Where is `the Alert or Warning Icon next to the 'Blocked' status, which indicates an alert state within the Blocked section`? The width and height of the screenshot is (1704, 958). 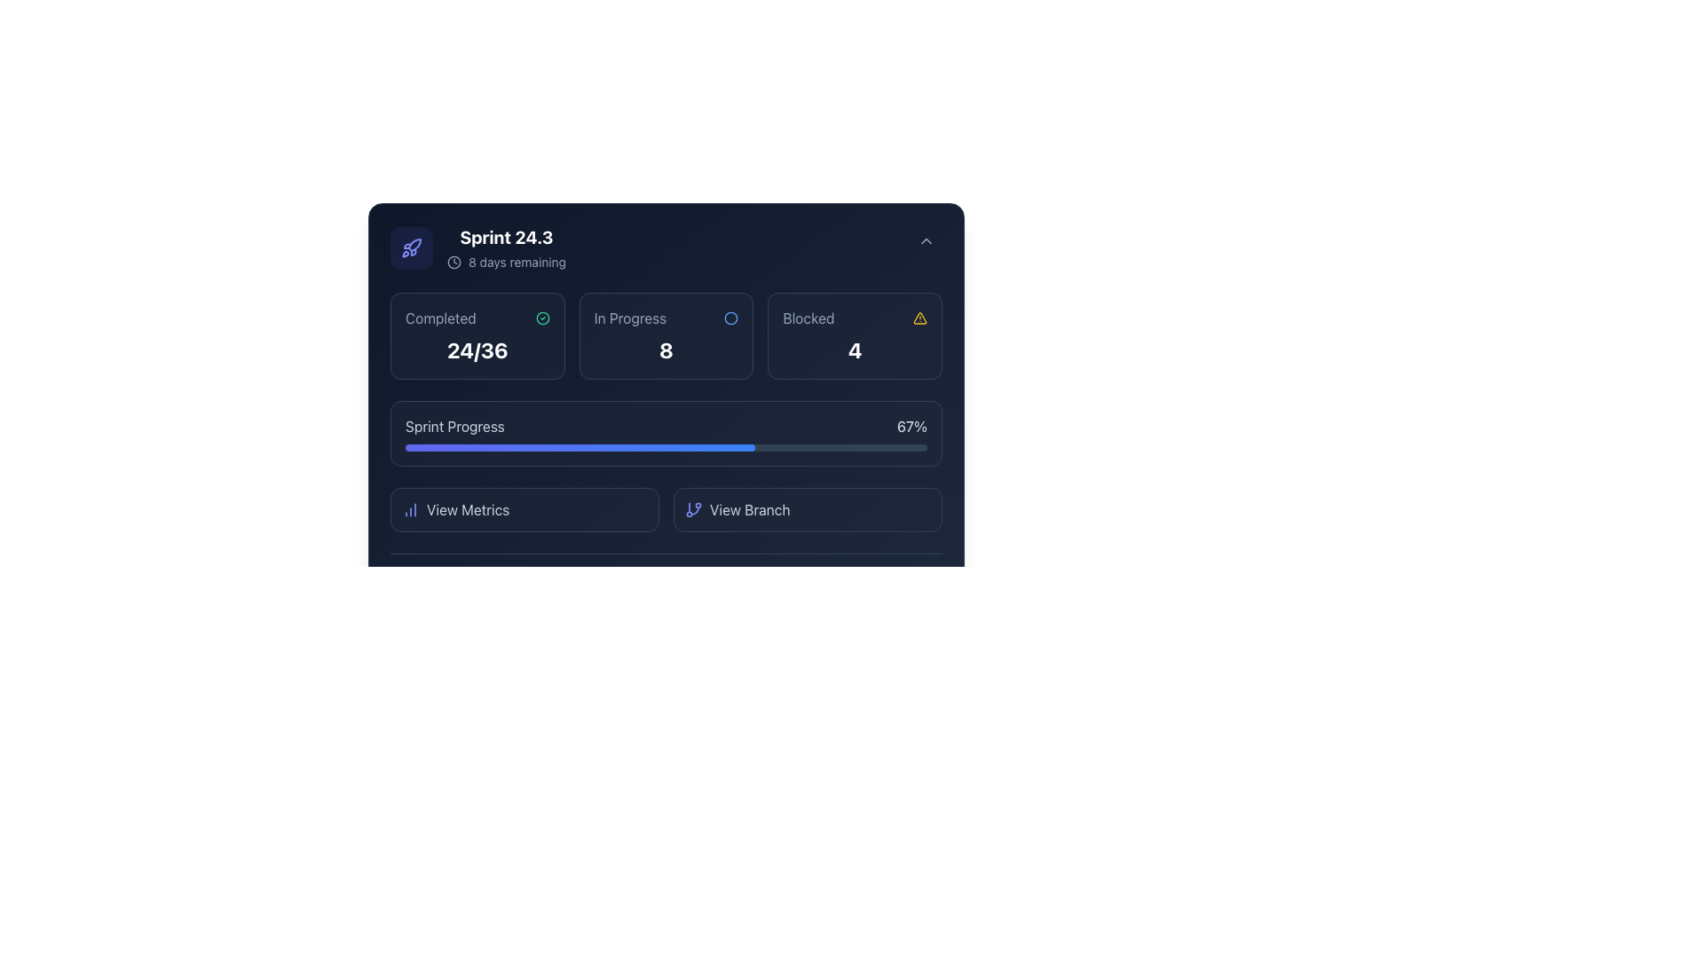 the Alert or Warning Icon next to the 'Blocked' status, which indicates an alert state within the Blocked section is located at coordinates (919, 317).